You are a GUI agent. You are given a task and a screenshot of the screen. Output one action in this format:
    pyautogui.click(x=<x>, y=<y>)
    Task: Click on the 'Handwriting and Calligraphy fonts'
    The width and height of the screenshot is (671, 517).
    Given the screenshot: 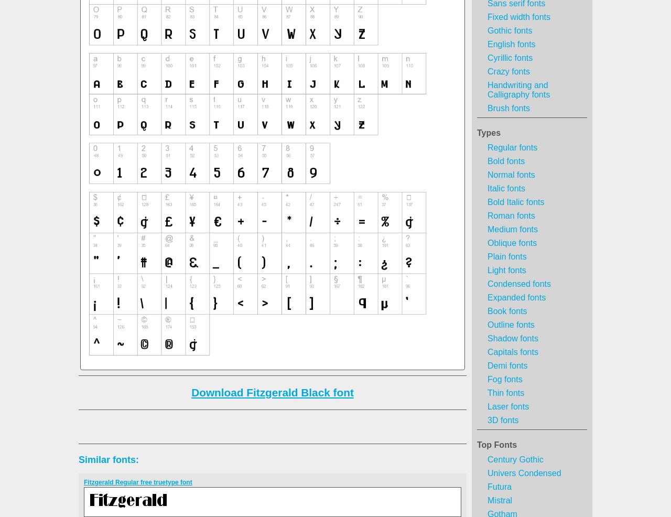 What is the action you would take?
    pyautogui.click(x=518, y=89)
    